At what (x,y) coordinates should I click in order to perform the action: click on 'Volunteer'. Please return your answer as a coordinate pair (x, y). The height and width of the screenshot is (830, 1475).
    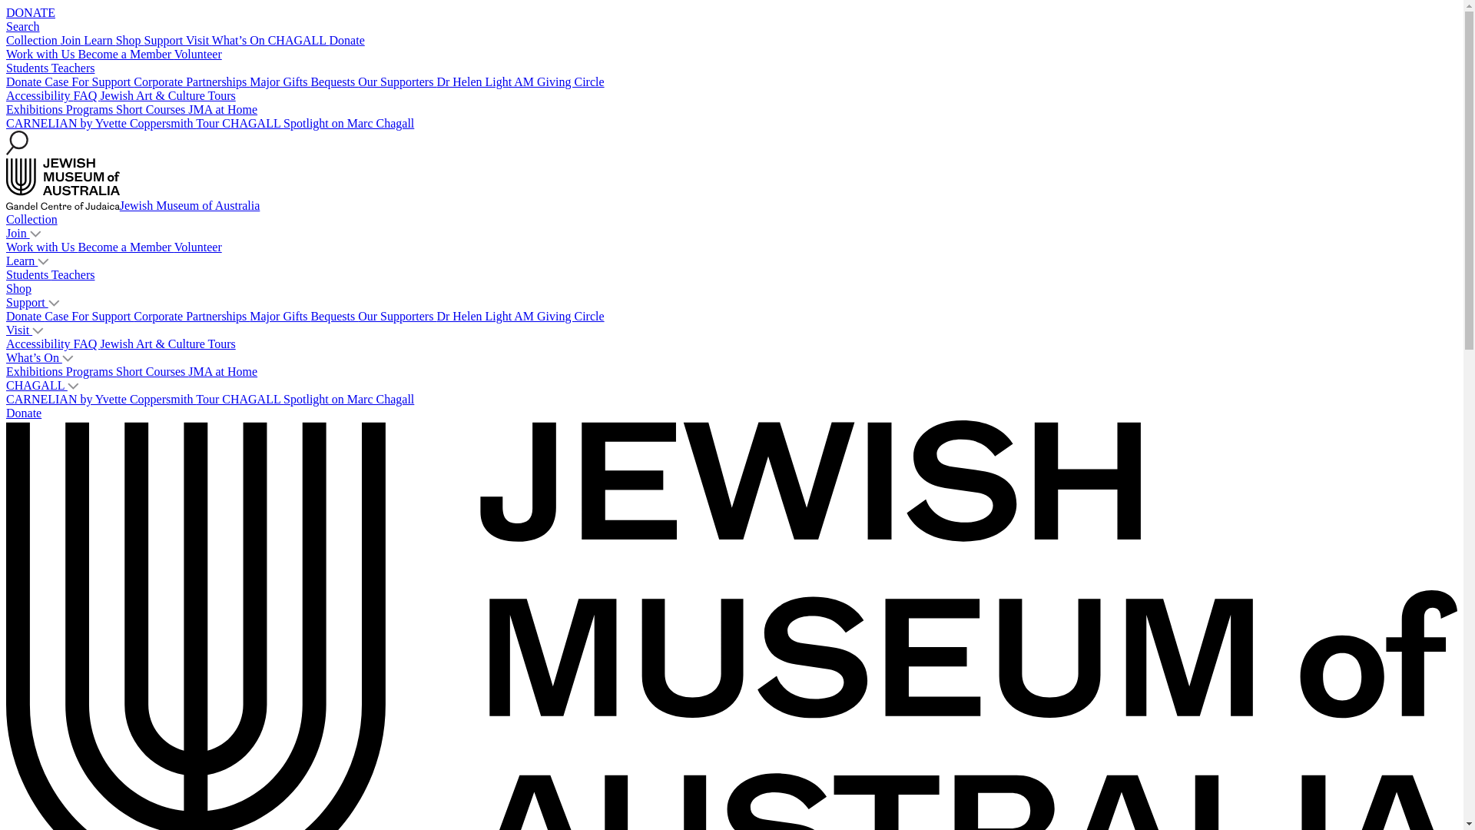
    Looking at the image, I should click on (197, 53).